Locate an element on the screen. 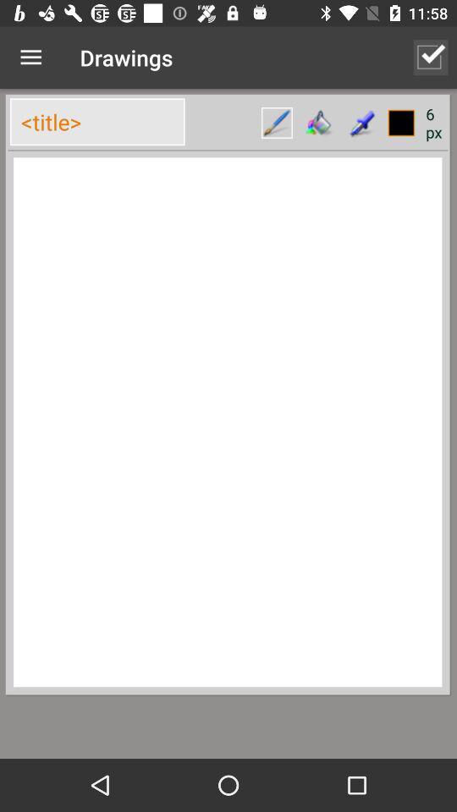  the edit icon is located at coordinates (277, 122).